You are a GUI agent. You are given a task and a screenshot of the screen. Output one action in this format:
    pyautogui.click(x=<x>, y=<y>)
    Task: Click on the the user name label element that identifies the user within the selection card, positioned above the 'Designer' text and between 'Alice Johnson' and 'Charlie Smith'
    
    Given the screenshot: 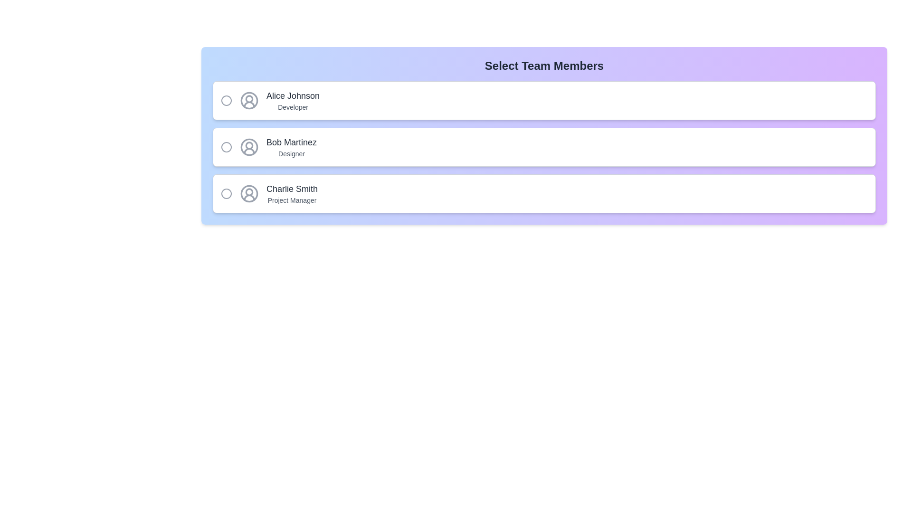 What is the action you would take?
    pyautogui.click(x=291, y=142)
    